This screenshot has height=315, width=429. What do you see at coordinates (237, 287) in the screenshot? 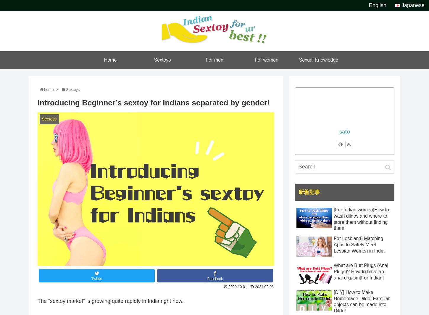
I see `'2020.10.01'` at bounding box center [237, 287].